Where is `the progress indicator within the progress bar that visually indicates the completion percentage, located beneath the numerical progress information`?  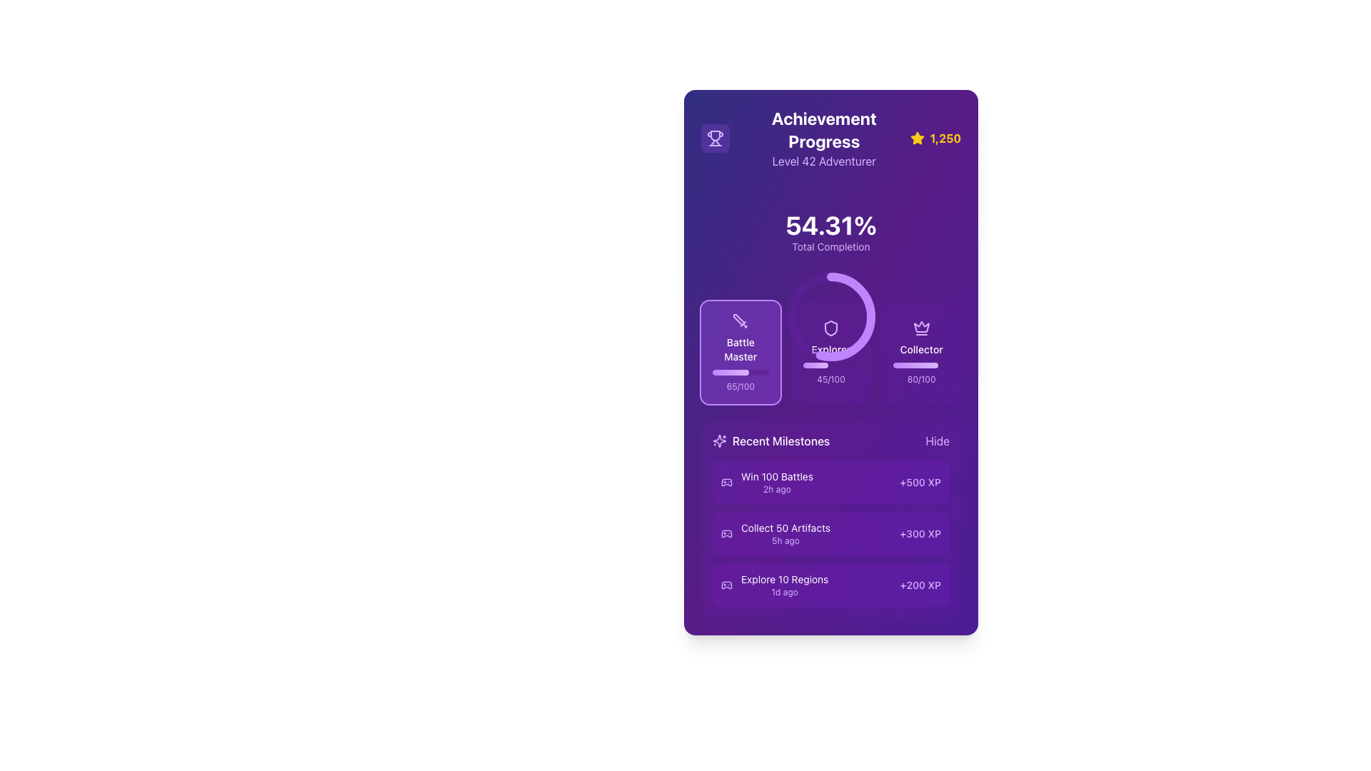 the progress indicator within the progress bar that visually indicates the completion percentage, located beneath the numerical progress information is located at coordinates (815, 365).